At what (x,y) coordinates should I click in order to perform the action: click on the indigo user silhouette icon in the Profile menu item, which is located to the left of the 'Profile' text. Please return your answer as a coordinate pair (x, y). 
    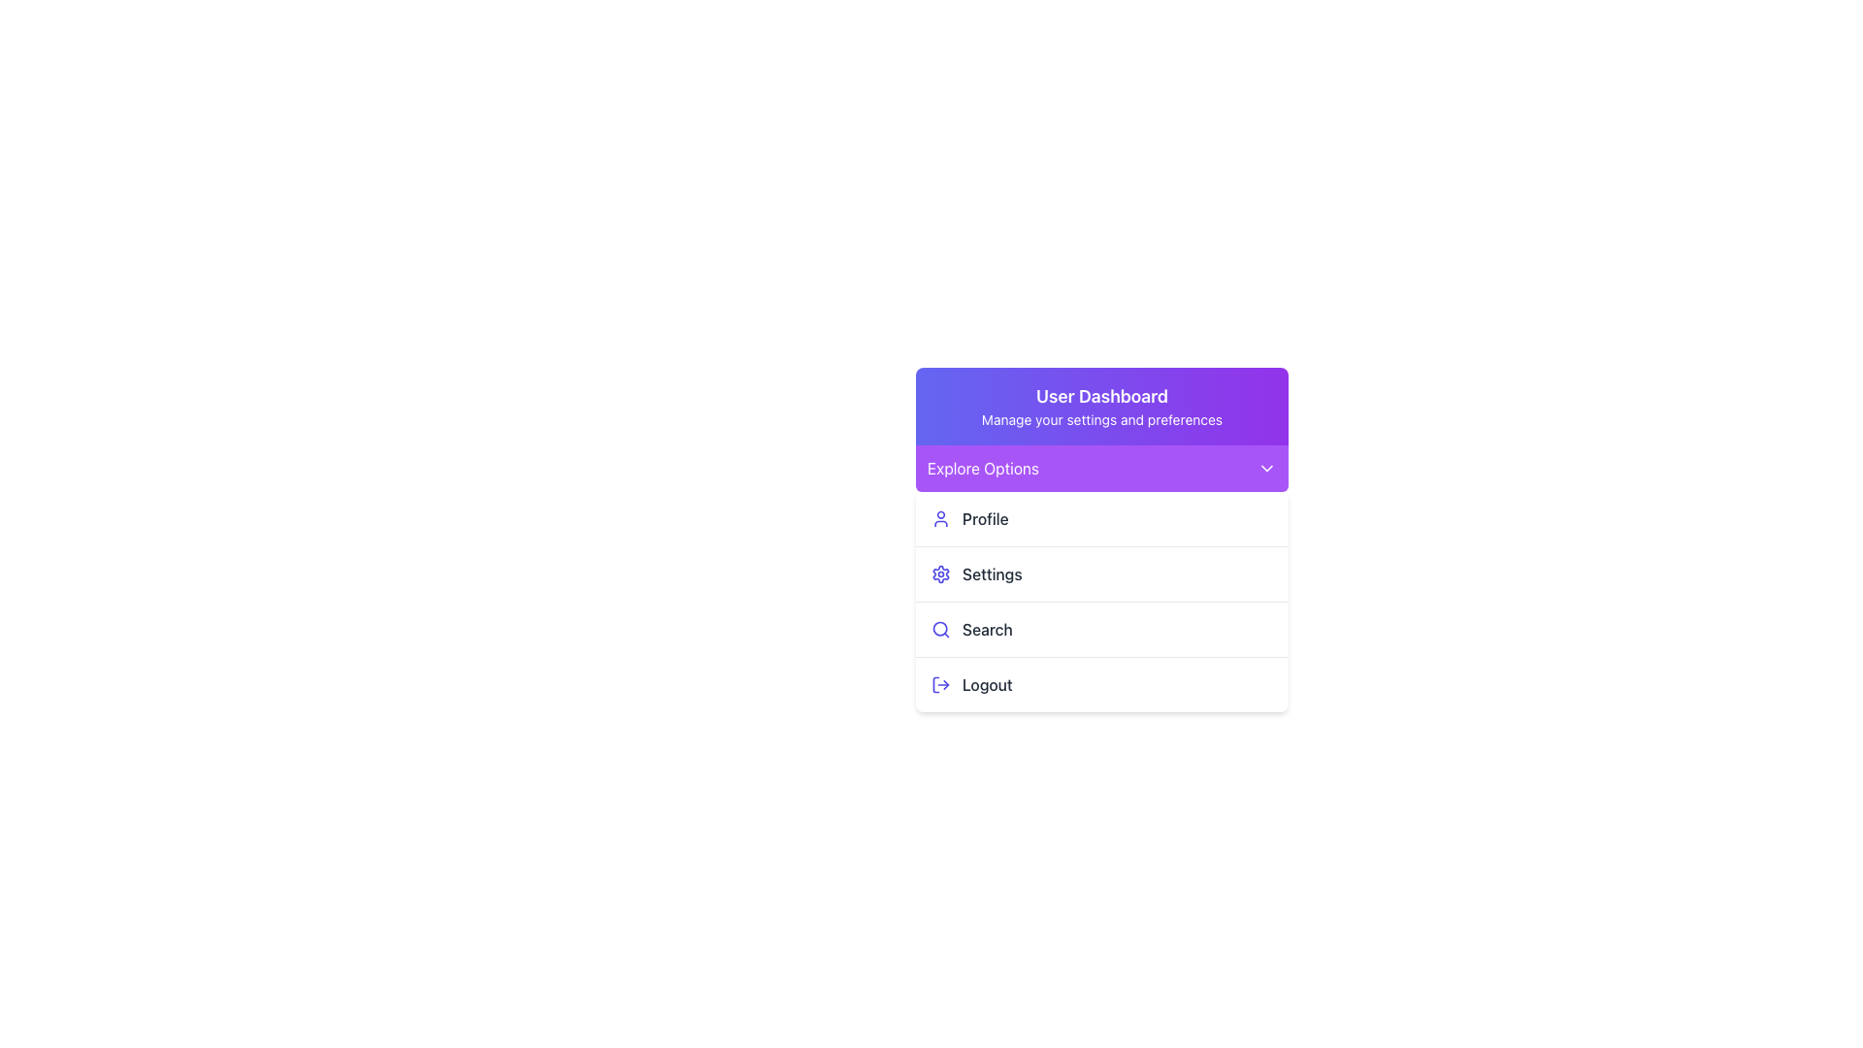
    Looking at the image, I should click on (940, 518).